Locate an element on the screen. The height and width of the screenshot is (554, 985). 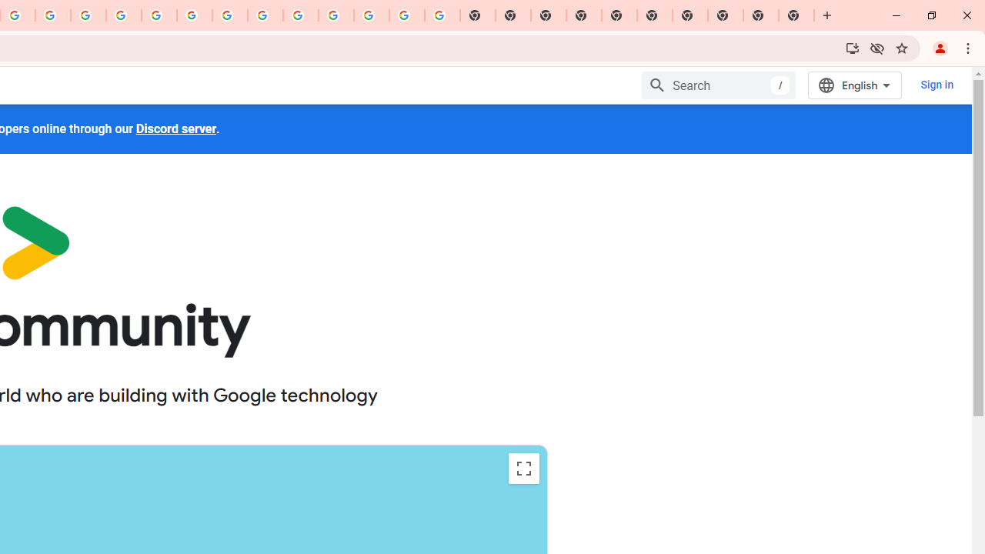
'Discord server' is located at coordinates (176, 128).